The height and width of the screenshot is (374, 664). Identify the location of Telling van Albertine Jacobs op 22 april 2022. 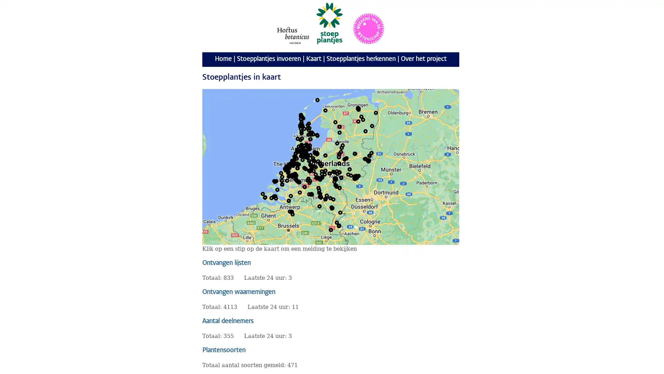
(317, 177).